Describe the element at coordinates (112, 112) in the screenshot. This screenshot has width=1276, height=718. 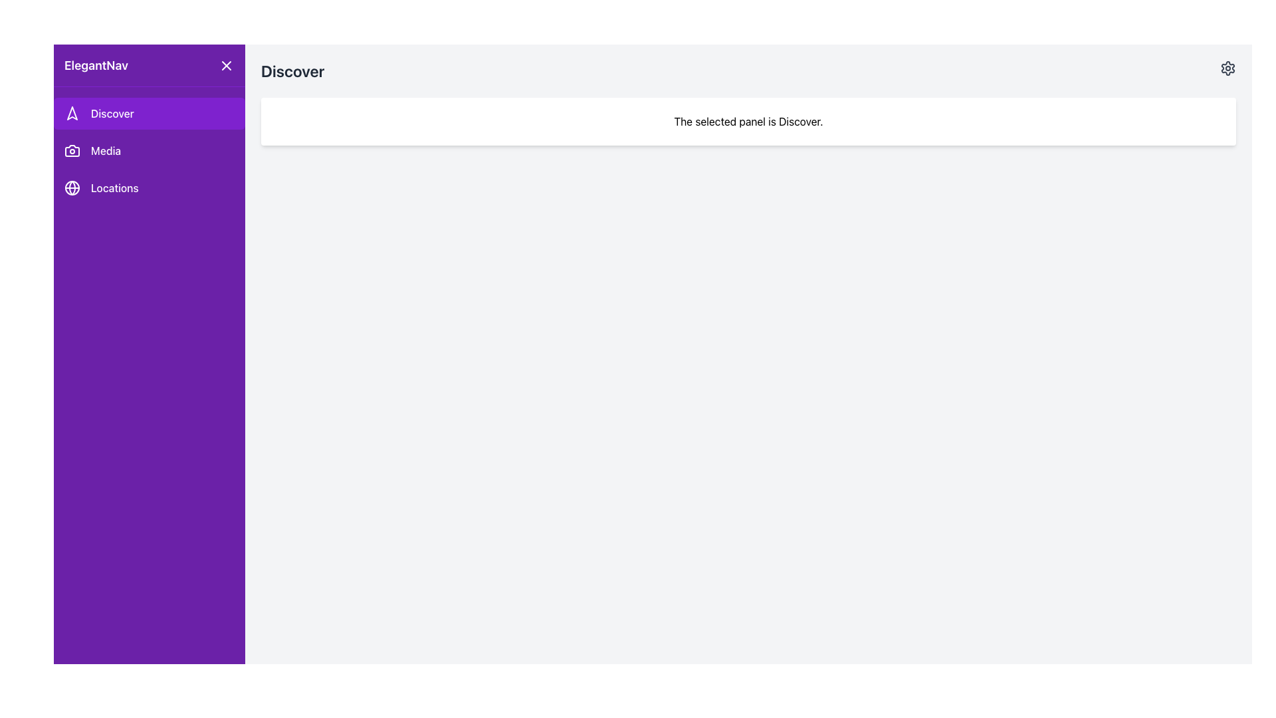
I see `the 'Discover' navigation label in the vertical menu on the left side of the user interface` at that location.